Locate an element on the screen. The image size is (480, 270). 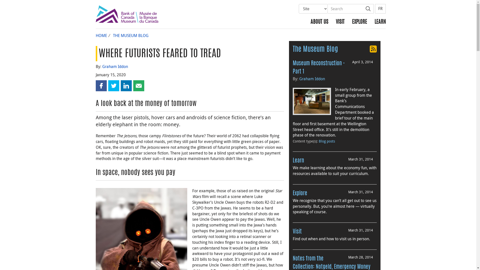
'Graham Iddon' is located at coordinates (312, 79).